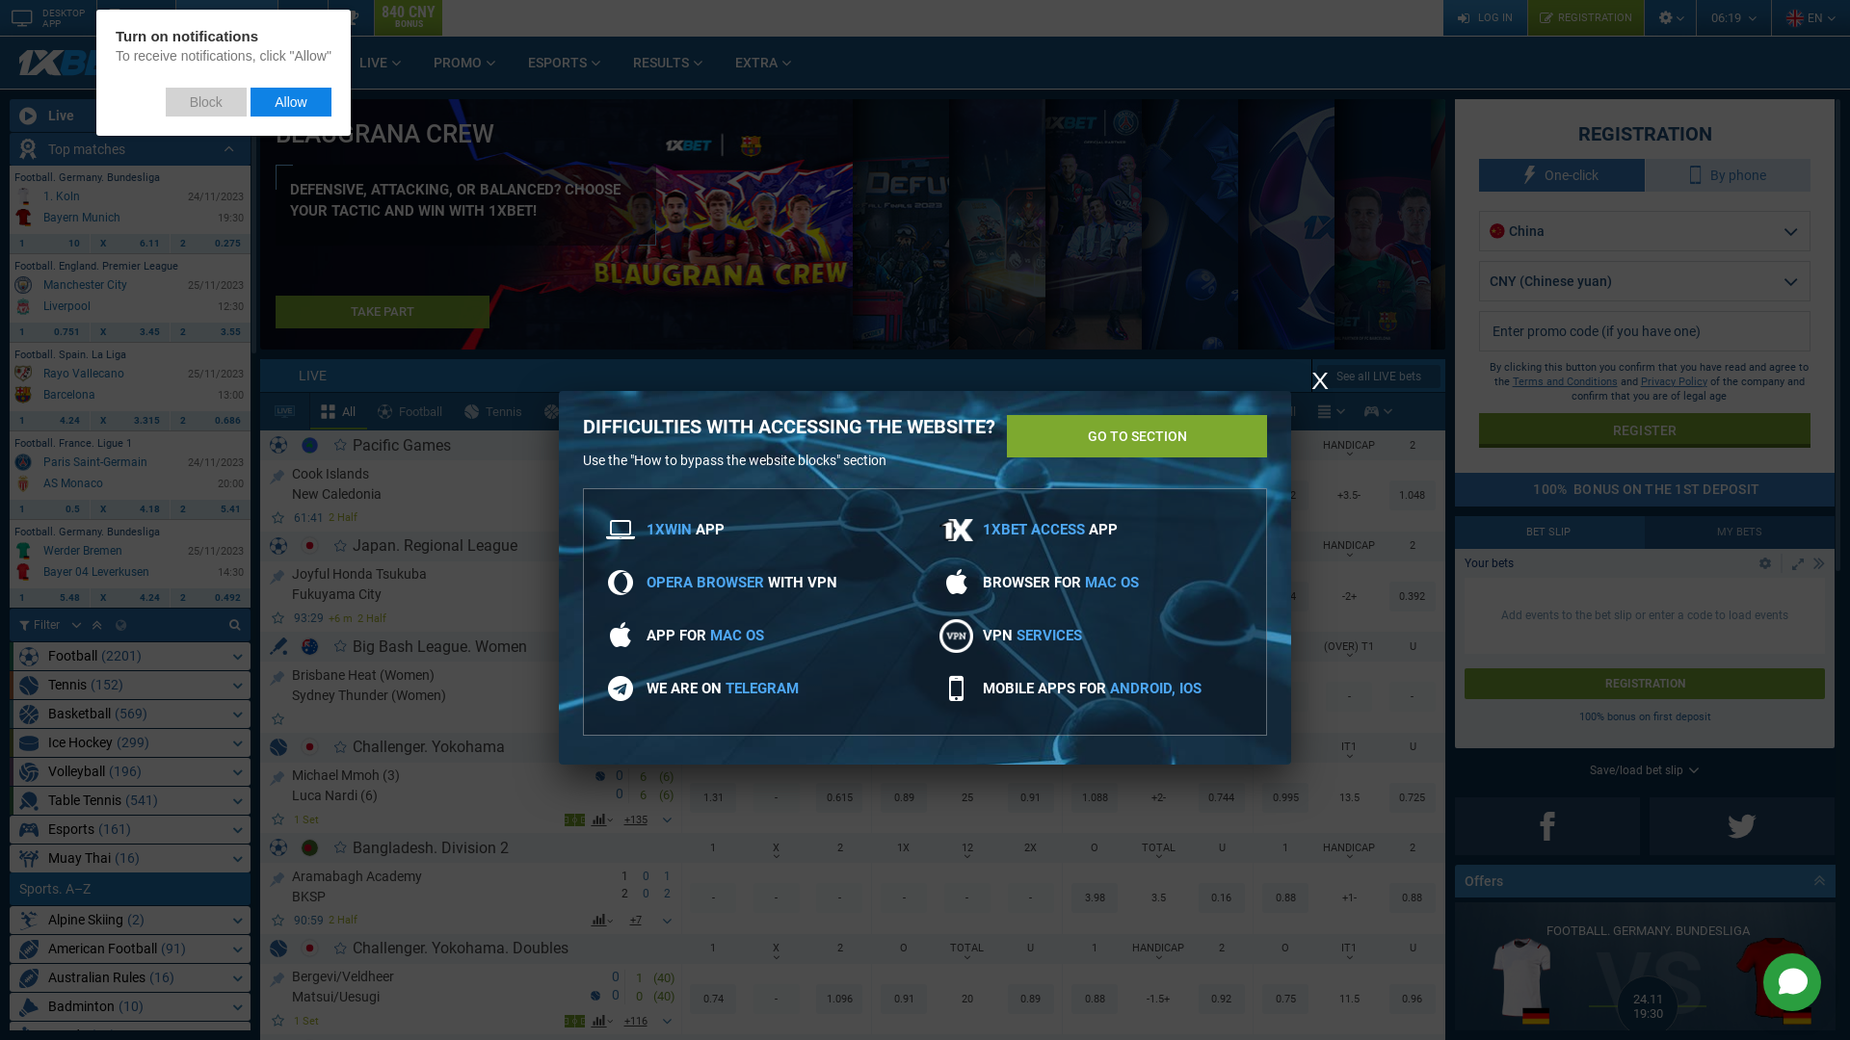 This screenshot has height=1040, width=1850. What do you see at coordinates (374, 17) in the screenshot?
I see `'840 CNY` at bounding box center [374, 17].